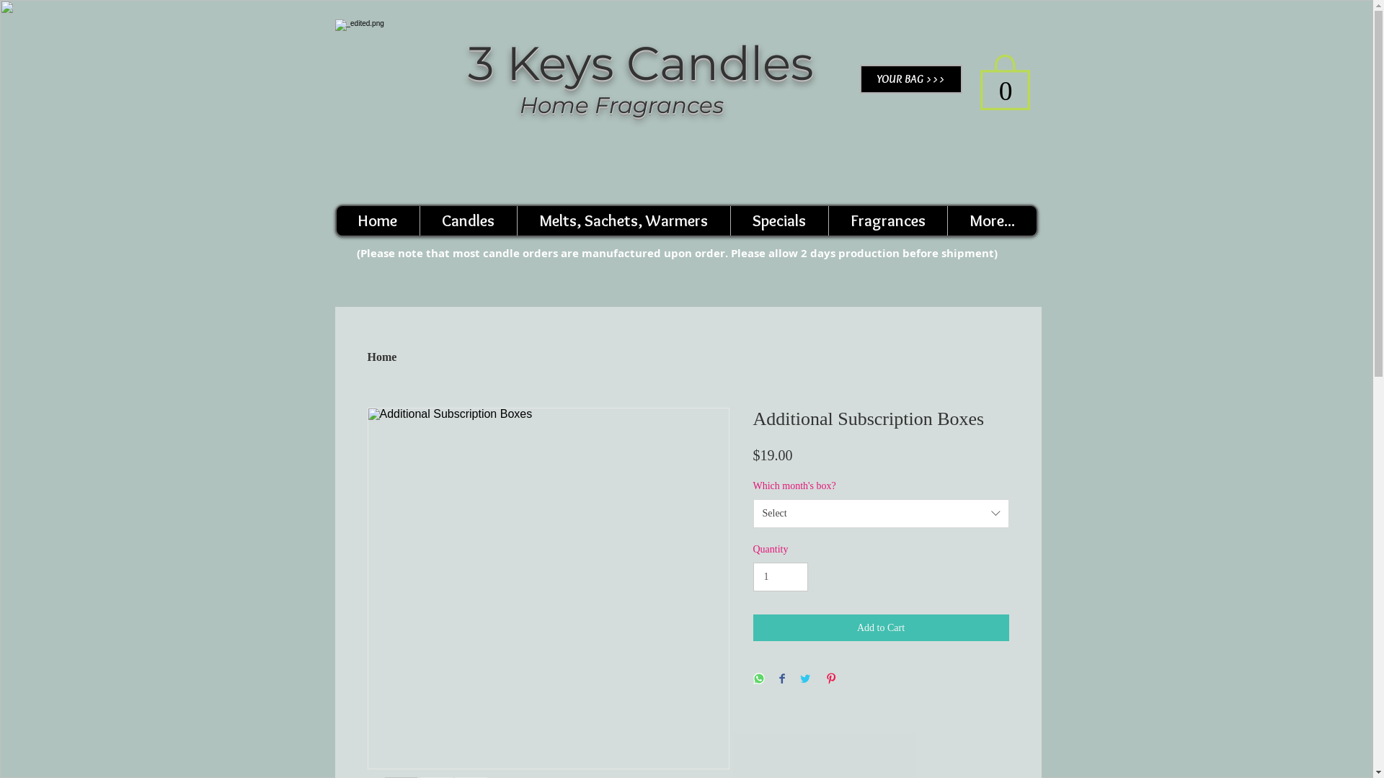  What do you see at coordinates (827, 220) in the screenshot?
I see `'Fragrances'` at bounding box center [827, 220].